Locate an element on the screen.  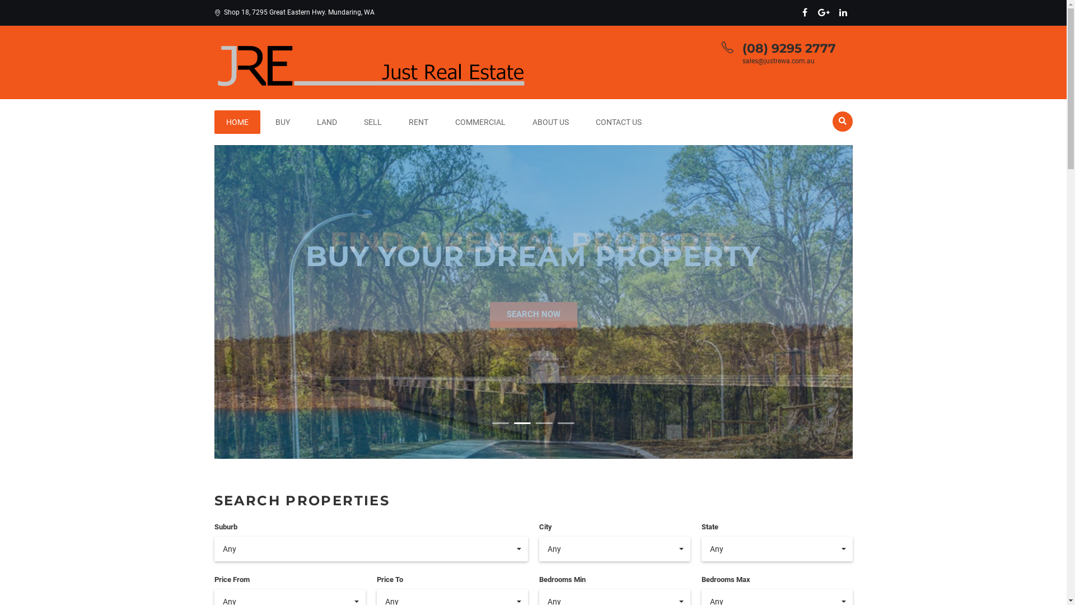
'SELL' is located at coordinates (372, 122).